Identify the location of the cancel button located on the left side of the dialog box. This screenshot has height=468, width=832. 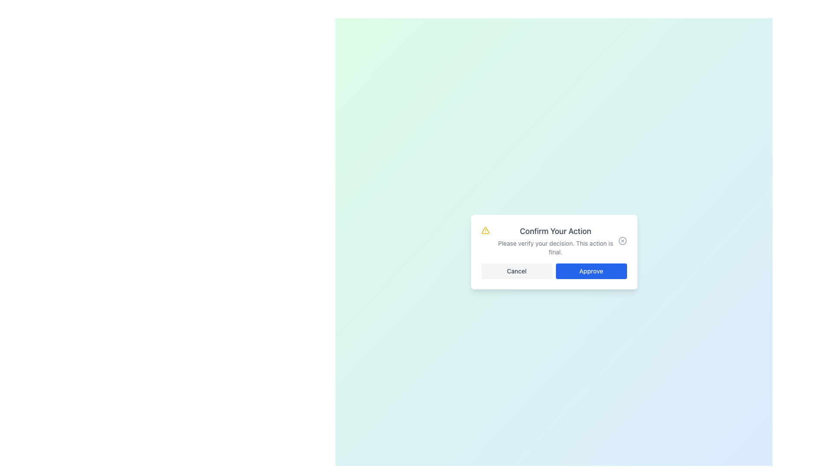
(517, 270).